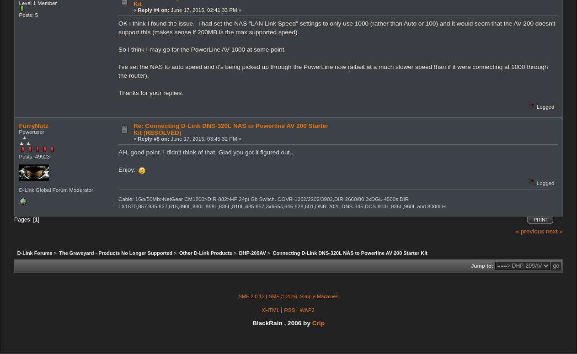  I want to click on 'I've set the NAS to auto speed and it's being picked up through the PowerLine now (albeit at a much slower speed than if it were connecting at 1000 through the router).', so click(332, 71).